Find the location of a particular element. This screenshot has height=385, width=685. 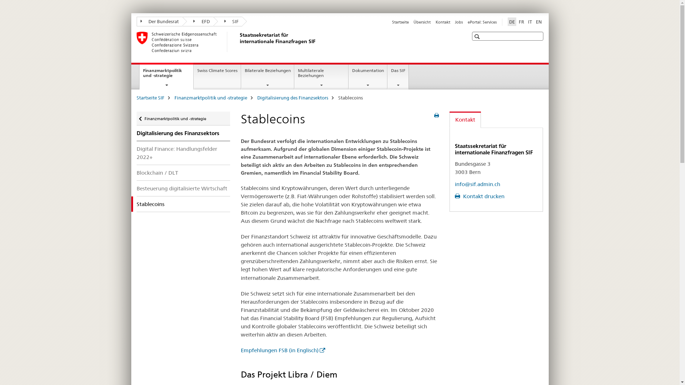

'Finanzmarktpolitik und -strategie is located at coordinates (140, 76).